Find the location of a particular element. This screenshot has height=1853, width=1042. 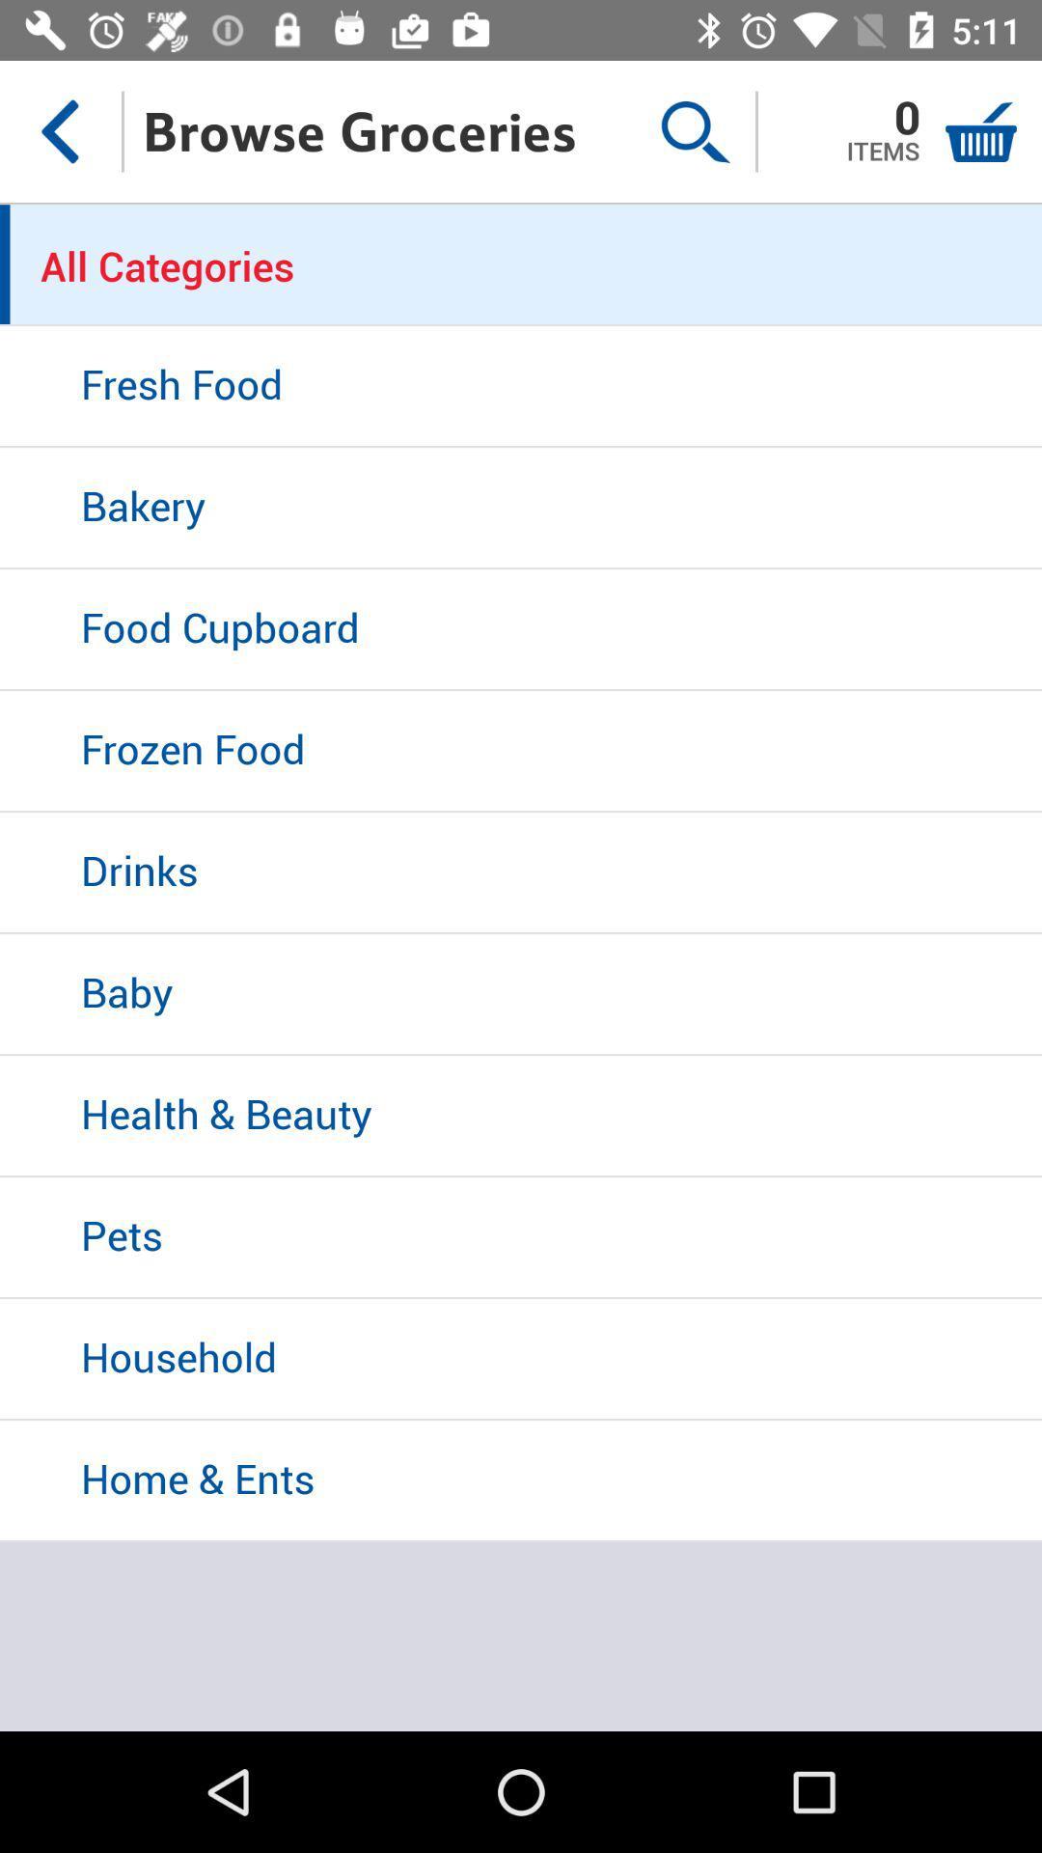

the icon below the all categories icon is located at coordinates (521, 386).